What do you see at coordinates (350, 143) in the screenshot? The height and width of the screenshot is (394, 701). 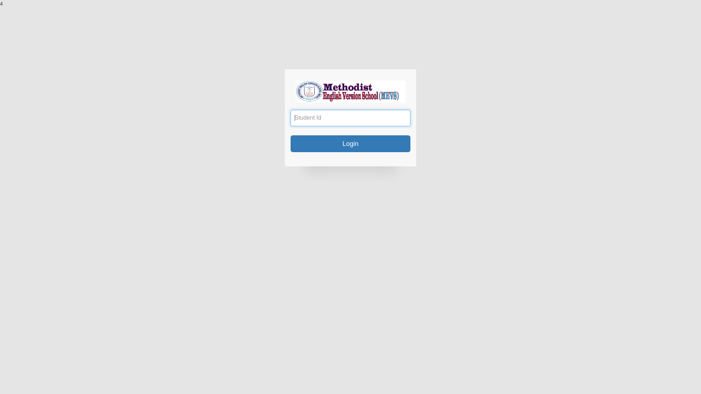 I see `'Login'` at bounding box center [350, 143].